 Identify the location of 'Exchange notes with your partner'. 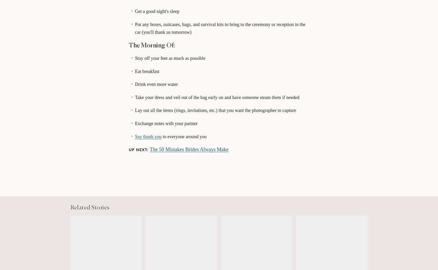
(166, 123).